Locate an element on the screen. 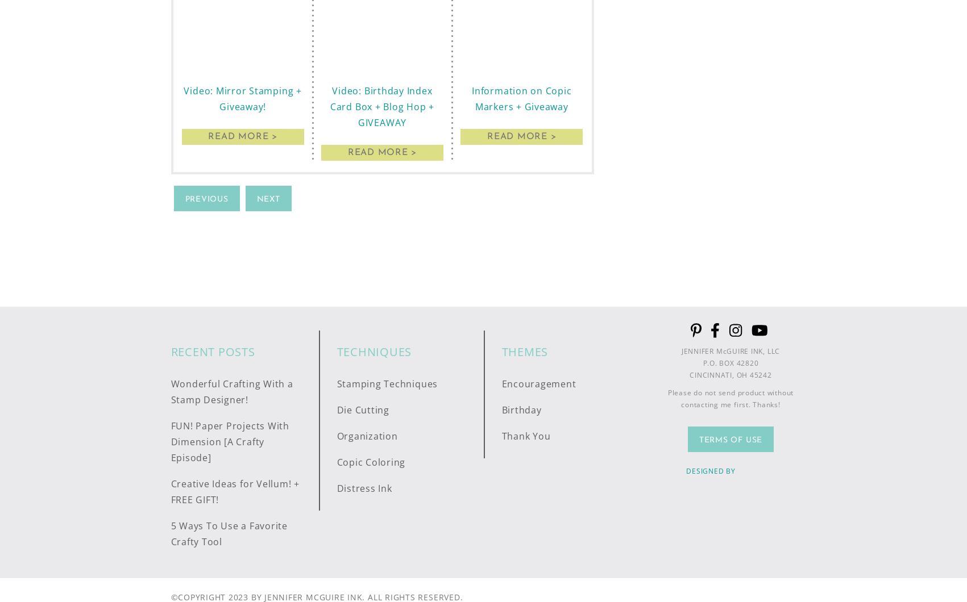 The width and height of the screenshot is (967, 602). 'Video: Mirror Stamping + Giveaway!' is located at coordinates (242, 97).